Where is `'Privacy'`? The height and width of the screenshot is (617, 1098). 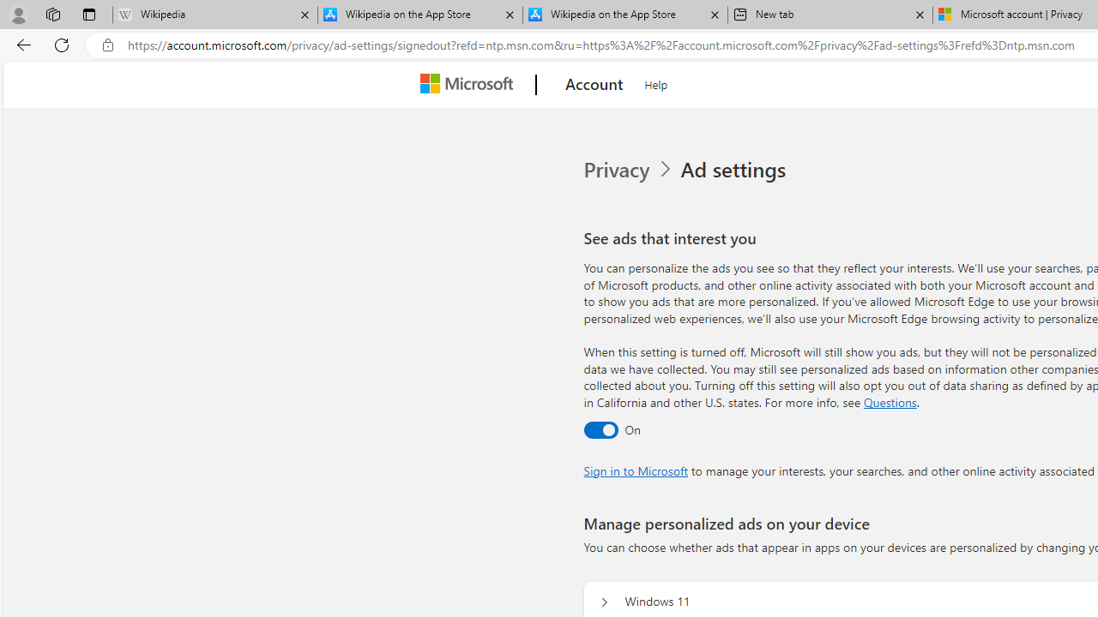 'Privacy' is located at coordinates (618, 170).